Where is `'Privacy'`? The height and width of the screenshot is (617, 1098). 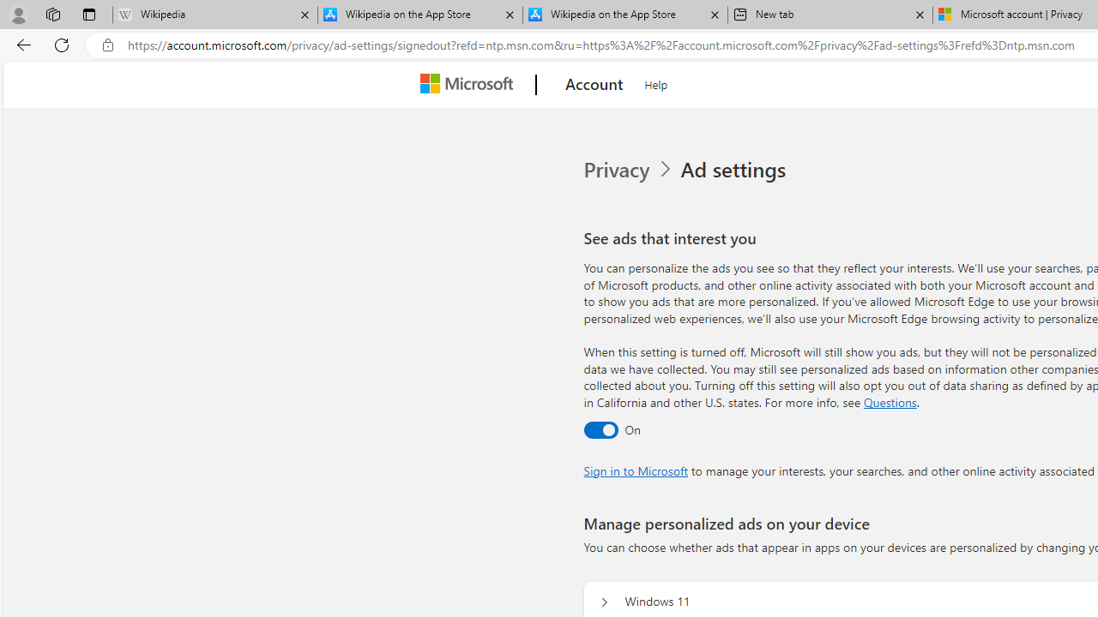 'Privacy' is located at coordinates (618, 170).